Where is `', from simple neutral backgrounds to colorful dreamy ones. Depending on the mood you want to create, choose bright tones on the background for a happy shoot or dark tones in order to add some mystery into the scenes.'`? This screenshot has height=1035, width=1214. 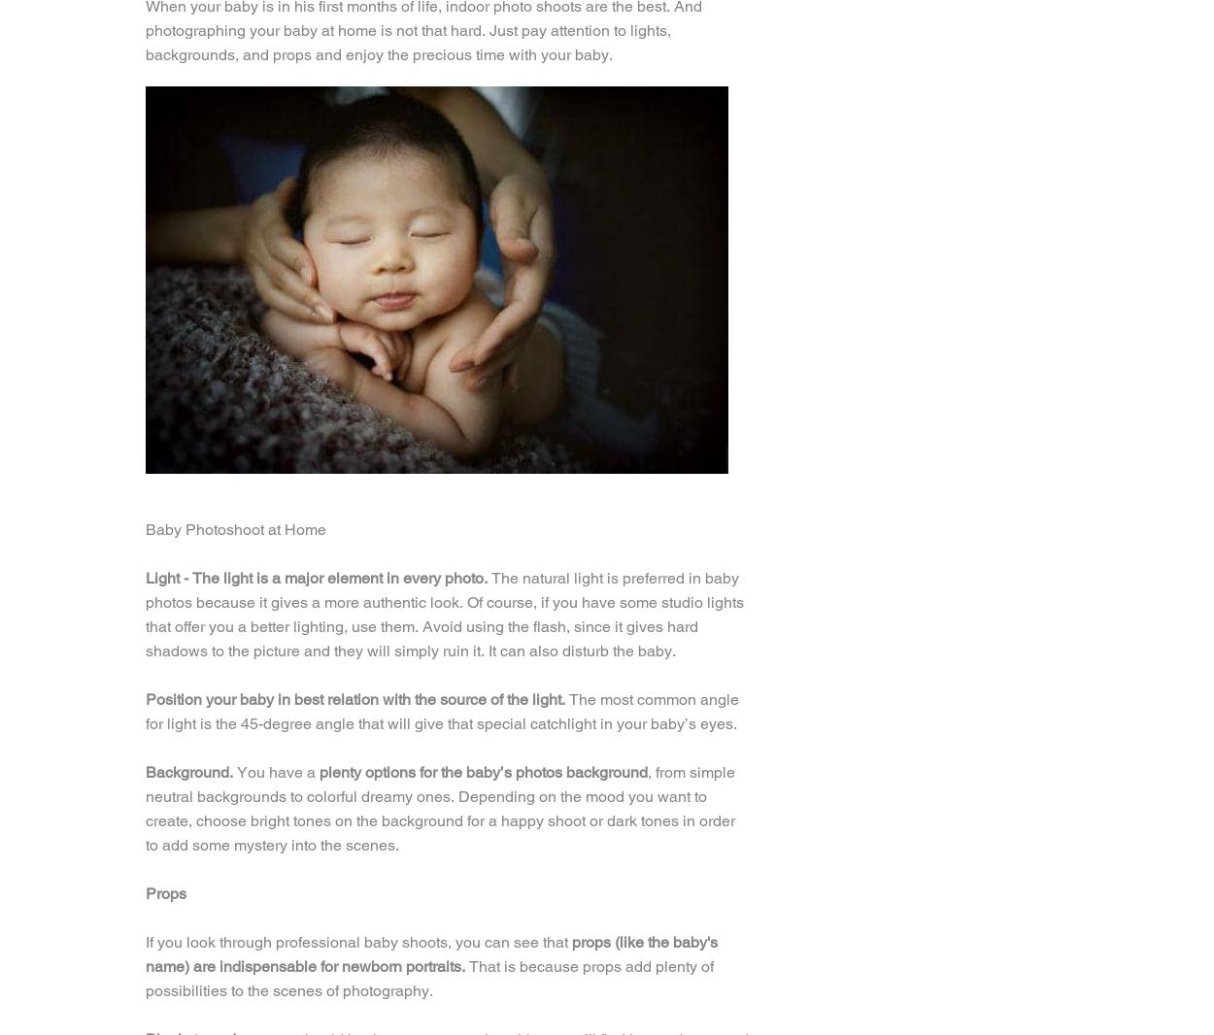 ', from simple neutral backgrounds to colorful dreamy ones. Depending on the mood you want to create, choose bright tones on the background for a happy shoot or dark tones in order to add some mystery into the scenes.' is located at coordinates (439, 808).